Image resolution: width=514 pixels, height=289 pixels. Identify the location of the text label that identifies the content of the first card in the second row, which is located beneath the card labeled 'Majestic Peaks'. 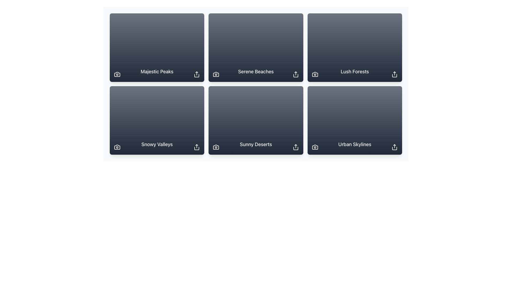
(157, 144).